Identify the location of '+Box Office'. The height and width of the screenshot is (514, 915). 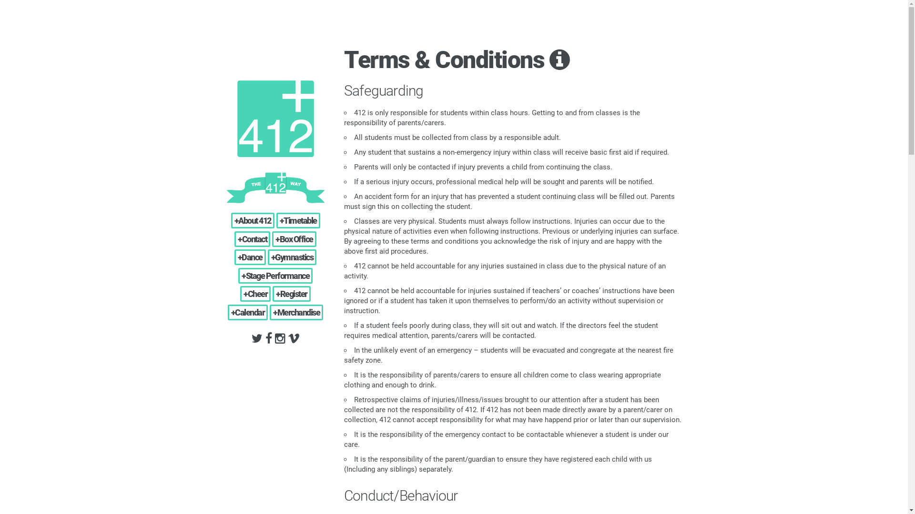
(294, 238).